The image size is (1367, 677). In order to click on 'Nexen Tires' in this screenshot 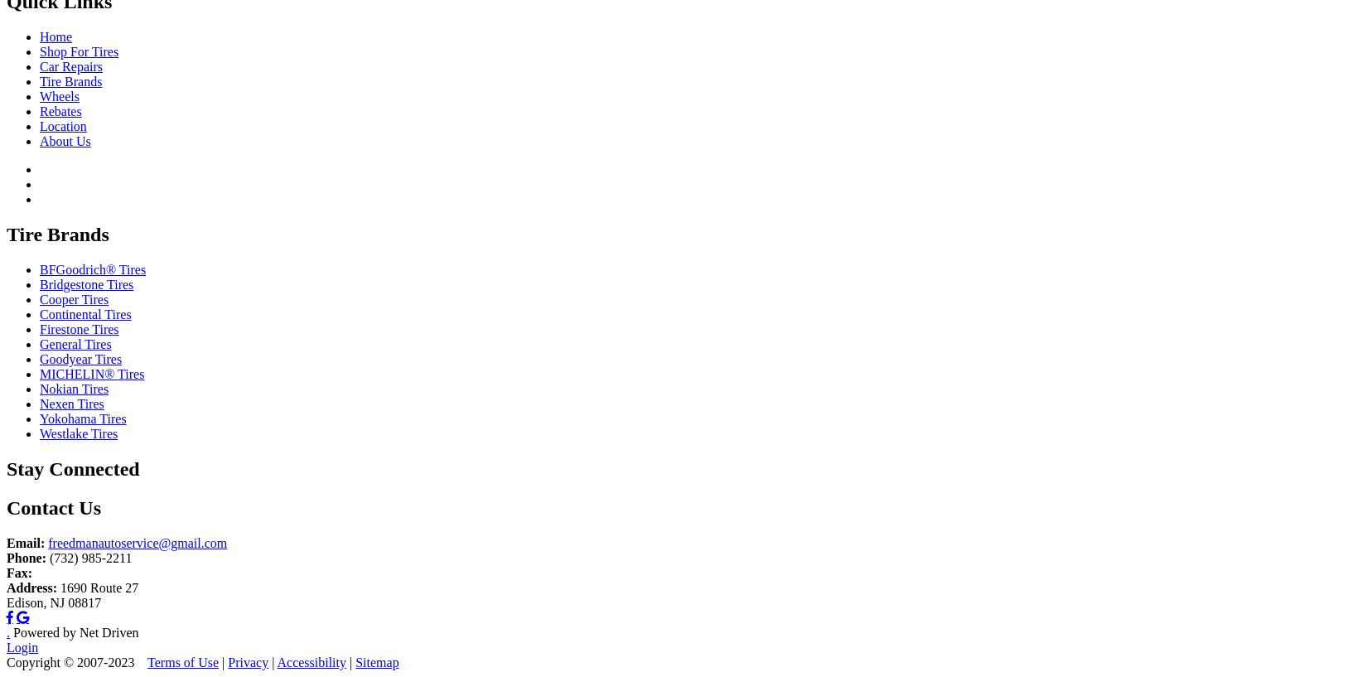, I will do `click(71, 404)`.